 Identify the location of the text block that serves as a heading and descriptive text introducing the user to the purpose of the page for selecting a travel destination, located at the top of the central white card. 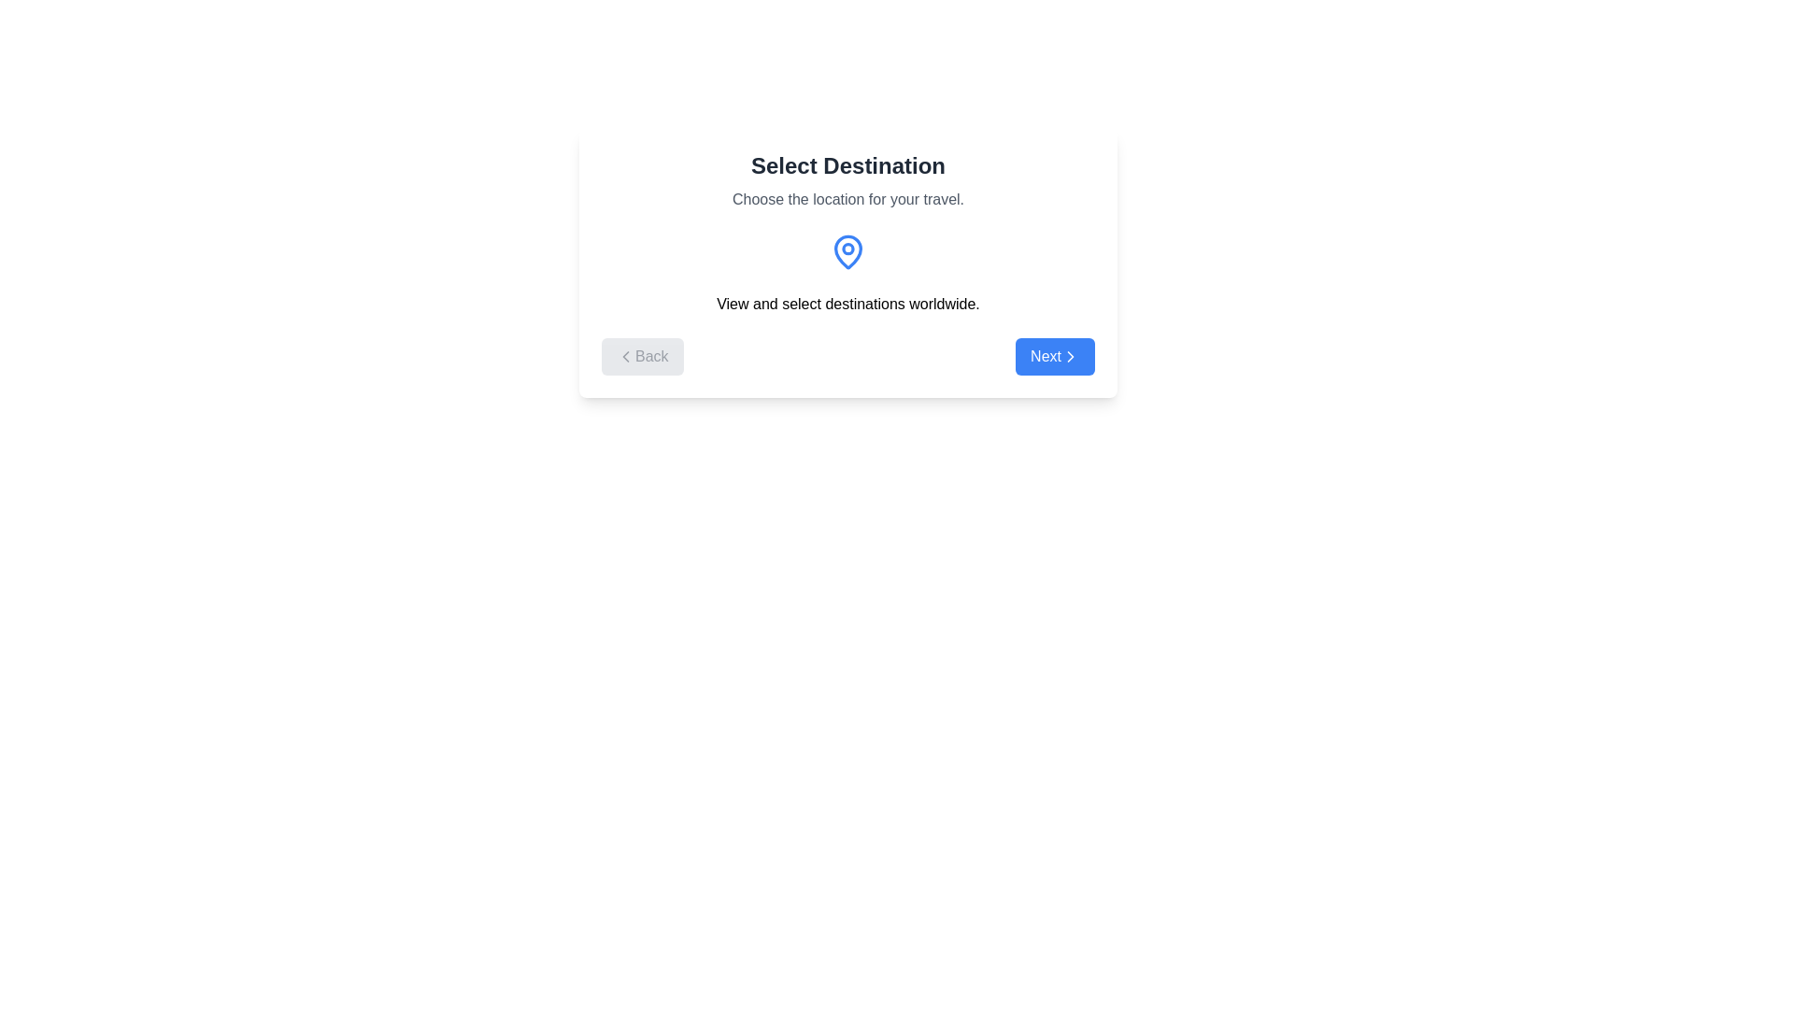
(847, 180).